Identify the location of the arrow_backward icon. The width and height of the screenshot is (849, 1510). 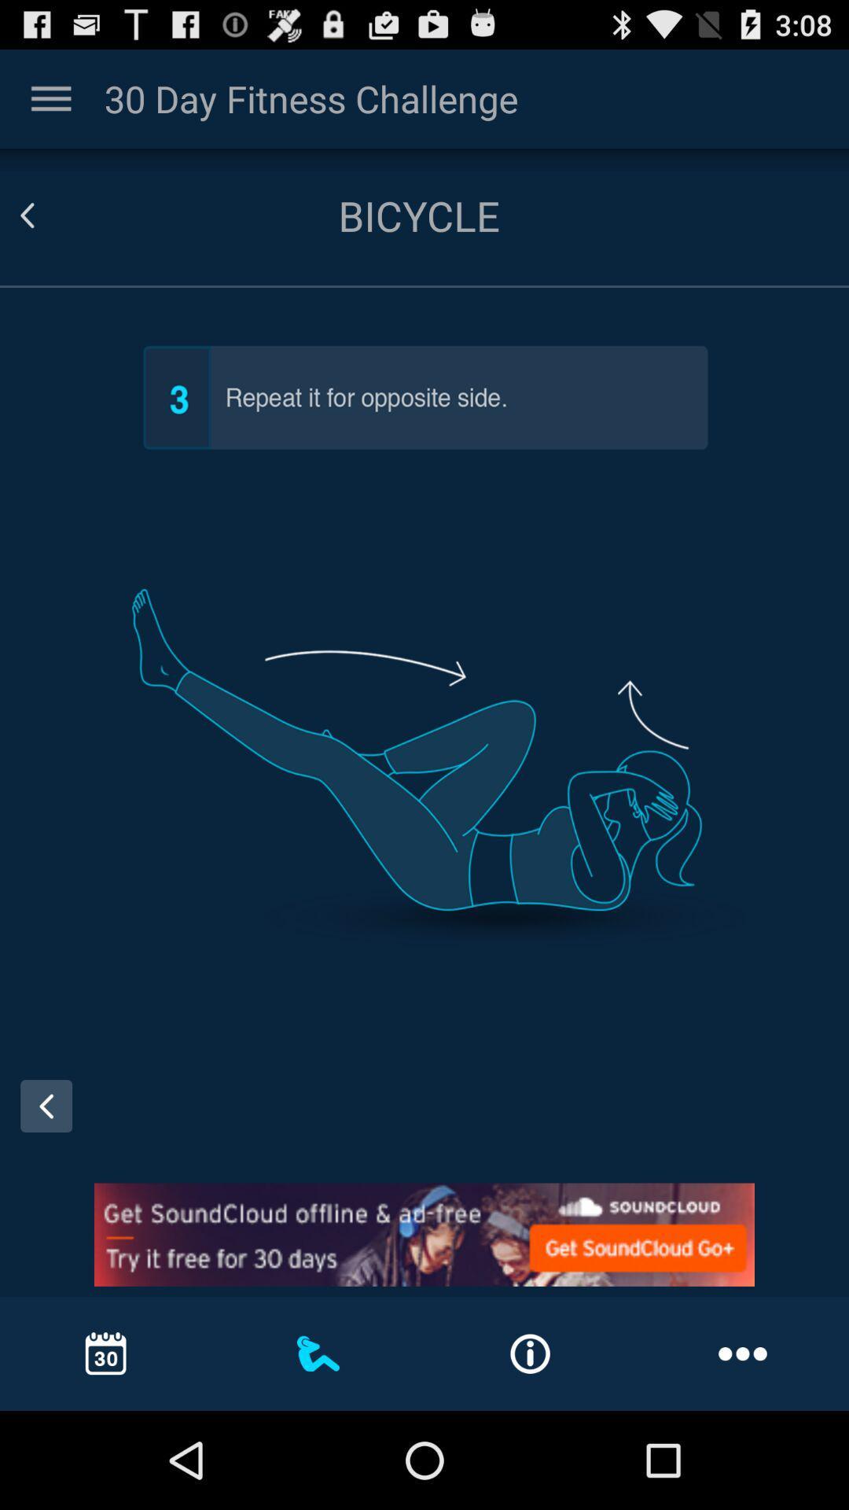
(46, 230).